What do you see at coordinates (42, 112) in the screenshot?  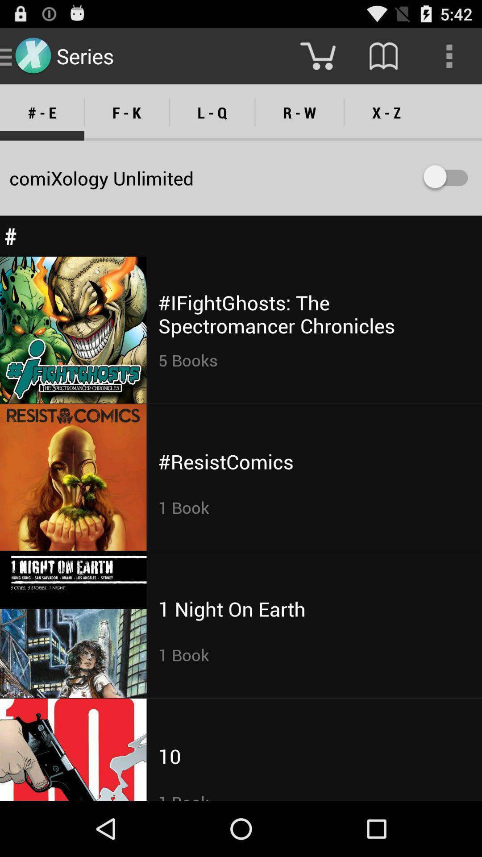 I see `# - e` at bounding box center [42, 112].